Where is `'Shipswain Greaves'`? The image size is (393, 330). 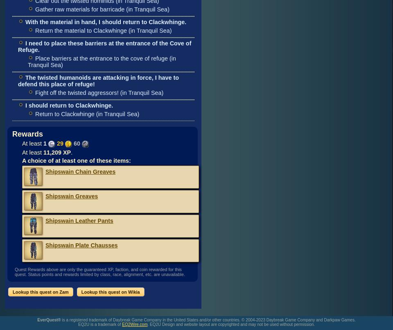 'Shipswain Greaves' is located at coordinates (71, 195).